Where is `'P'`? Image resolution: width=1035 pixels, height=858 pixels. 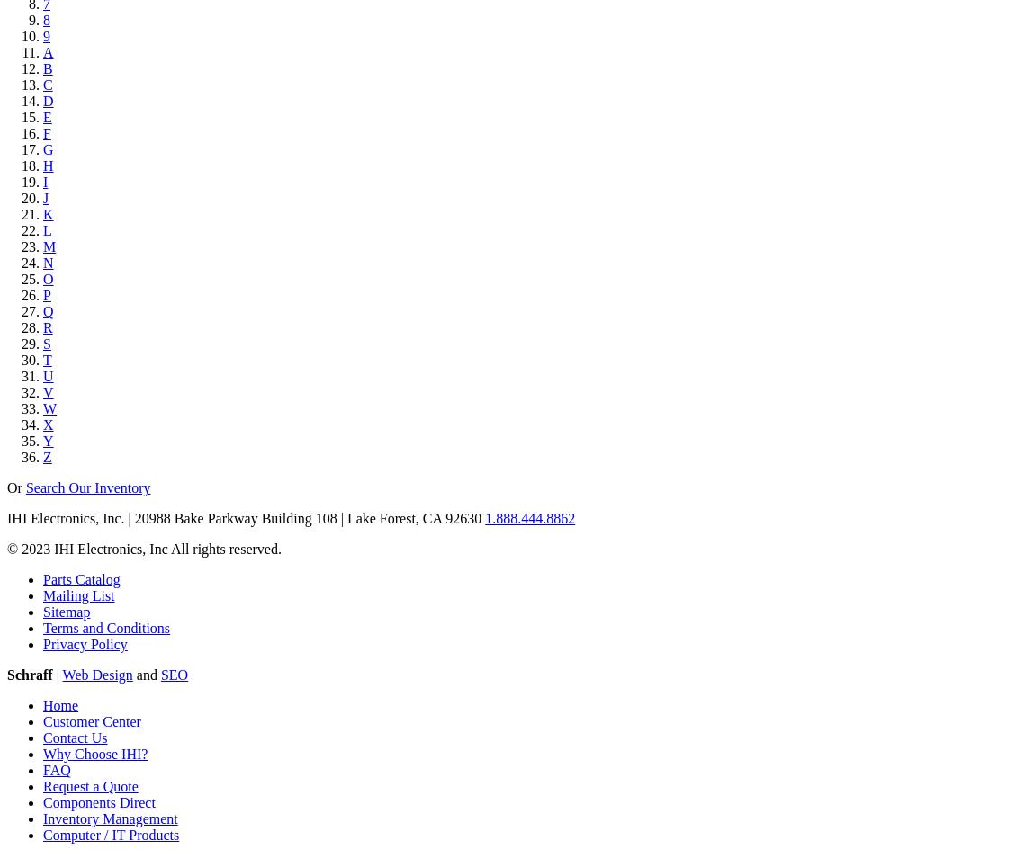
'P' is located at coordinates (45, 295).